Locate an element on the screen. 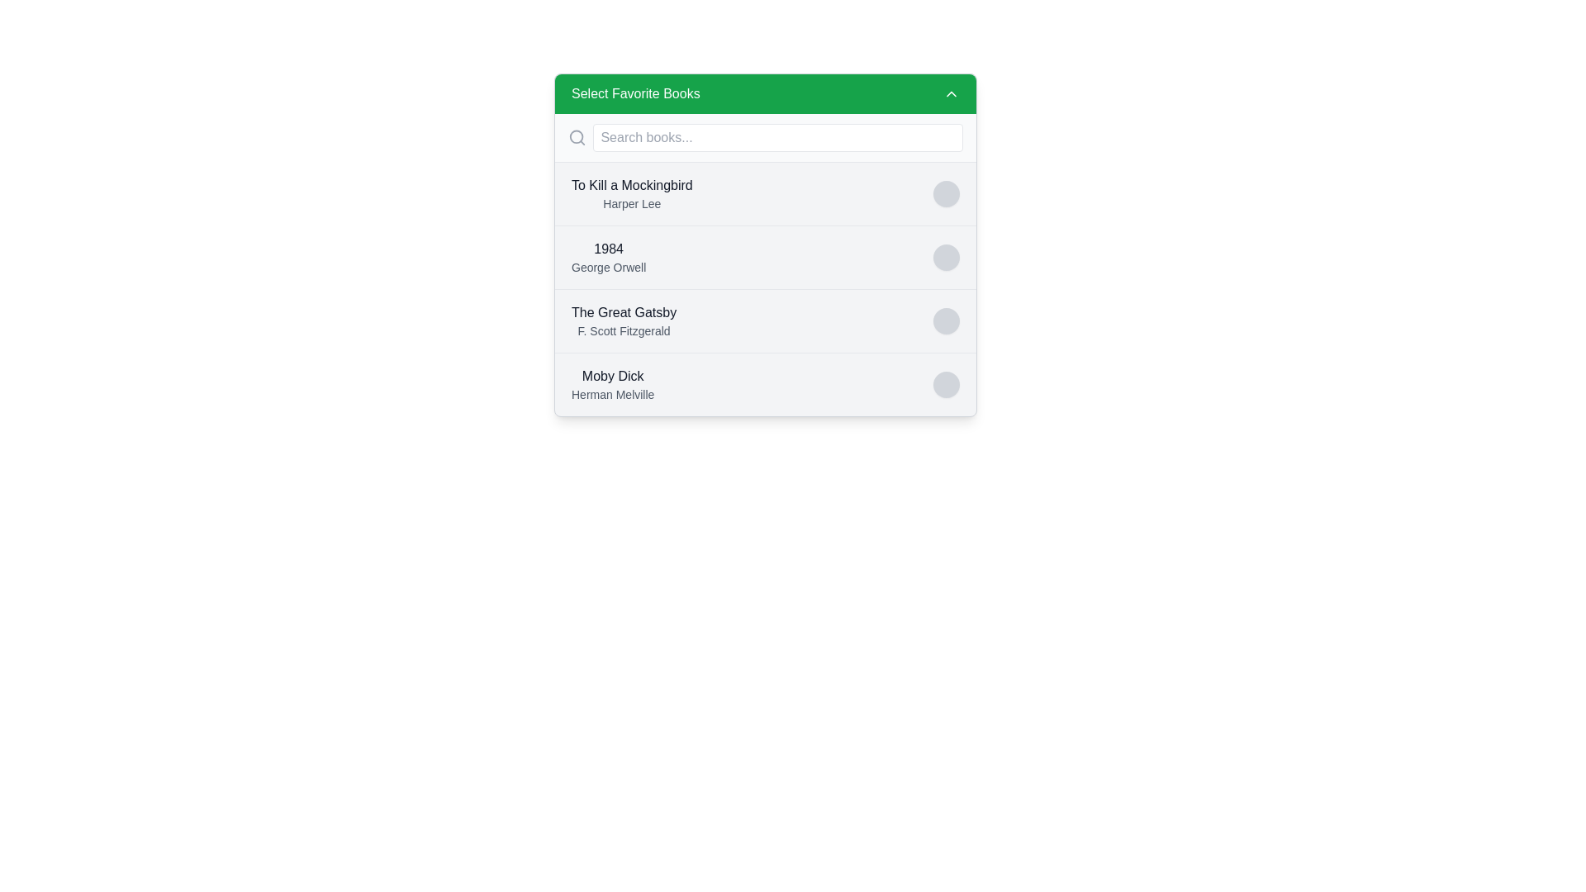 The image size is (1586, 892). displayed text of the book title 'To Kill a Mockingbird' which is located at the top of the list under the search bar is located at coordinates (631, 185).